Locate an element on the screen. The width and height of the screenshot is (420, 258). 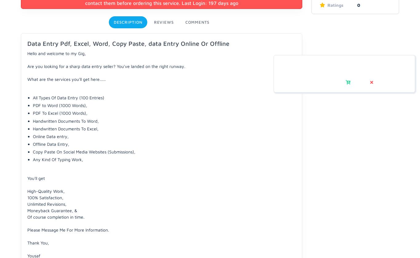
'100% Satisfaction,' is located at coordinates (45, 197).